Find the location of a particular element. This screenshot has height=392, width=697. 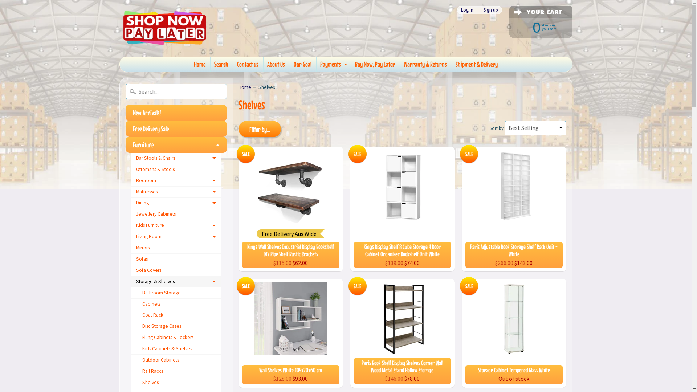

'Disc Storage Cases' is located at coordinates (176, 327).